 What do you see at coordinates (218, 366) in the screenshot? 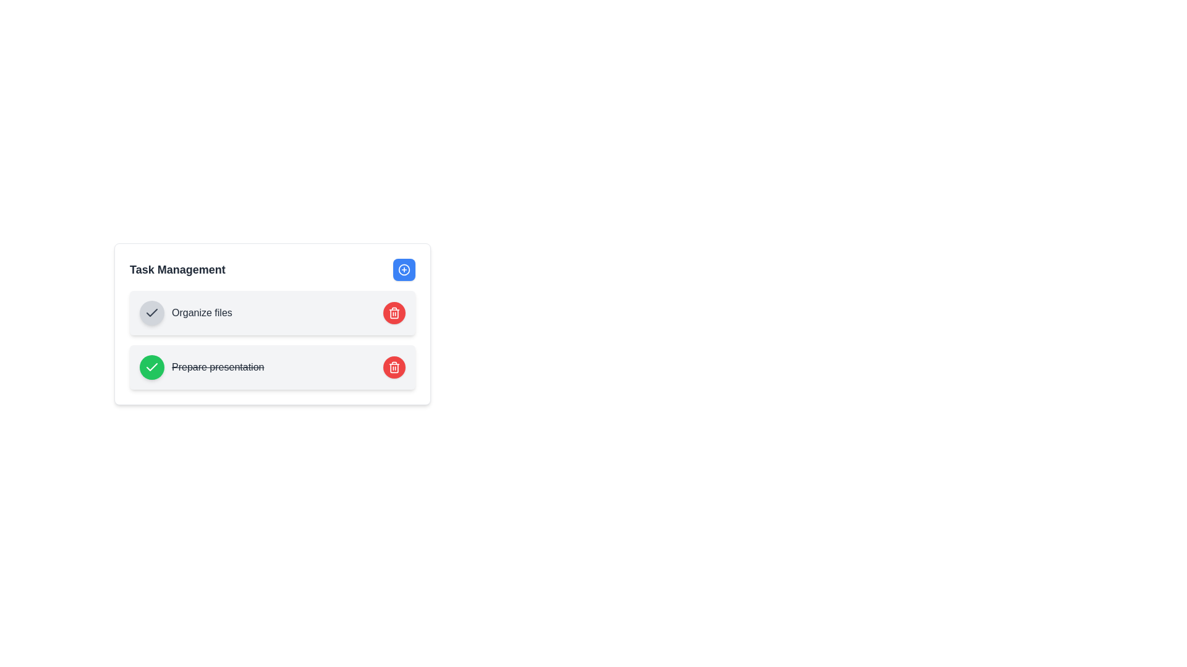
I see `the completed task text element styled in gray with a line-through effect that displays 'Prepare presentation'` at bounding box center [218, 366].